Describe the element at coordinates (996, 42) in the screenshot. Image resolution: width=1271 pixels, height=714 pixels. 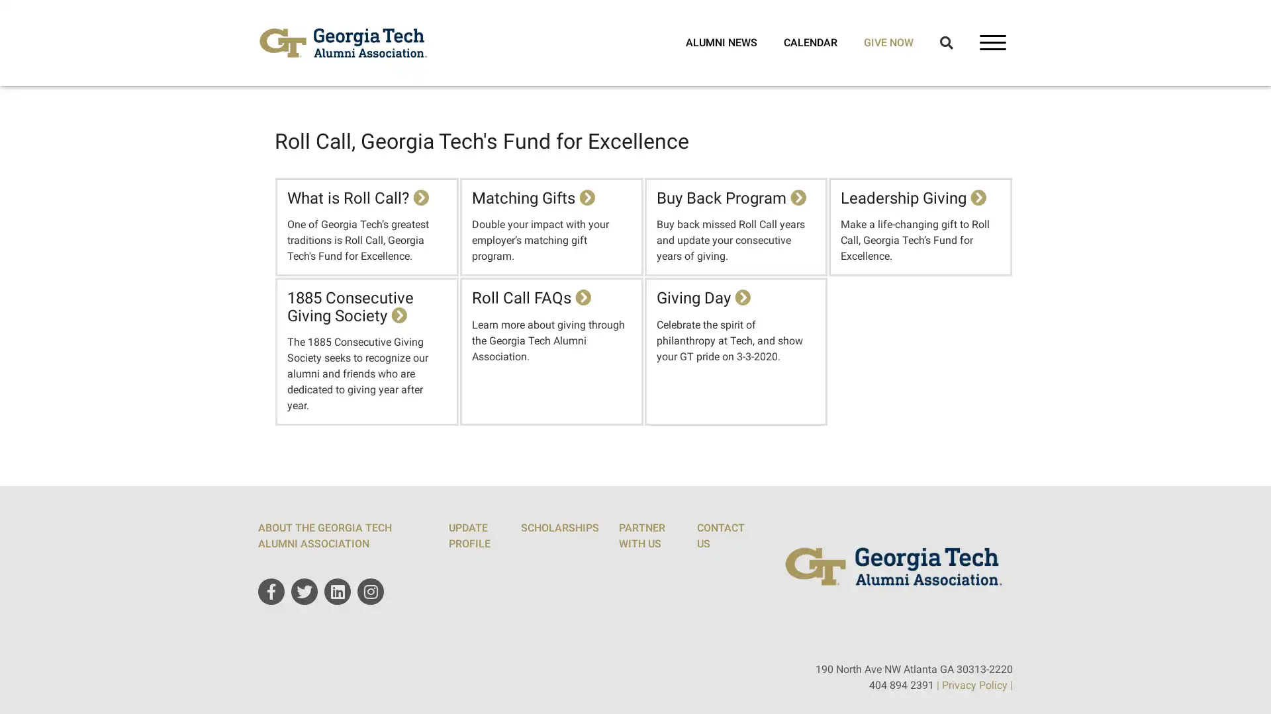
I see `Open Main Navigation` at that location.